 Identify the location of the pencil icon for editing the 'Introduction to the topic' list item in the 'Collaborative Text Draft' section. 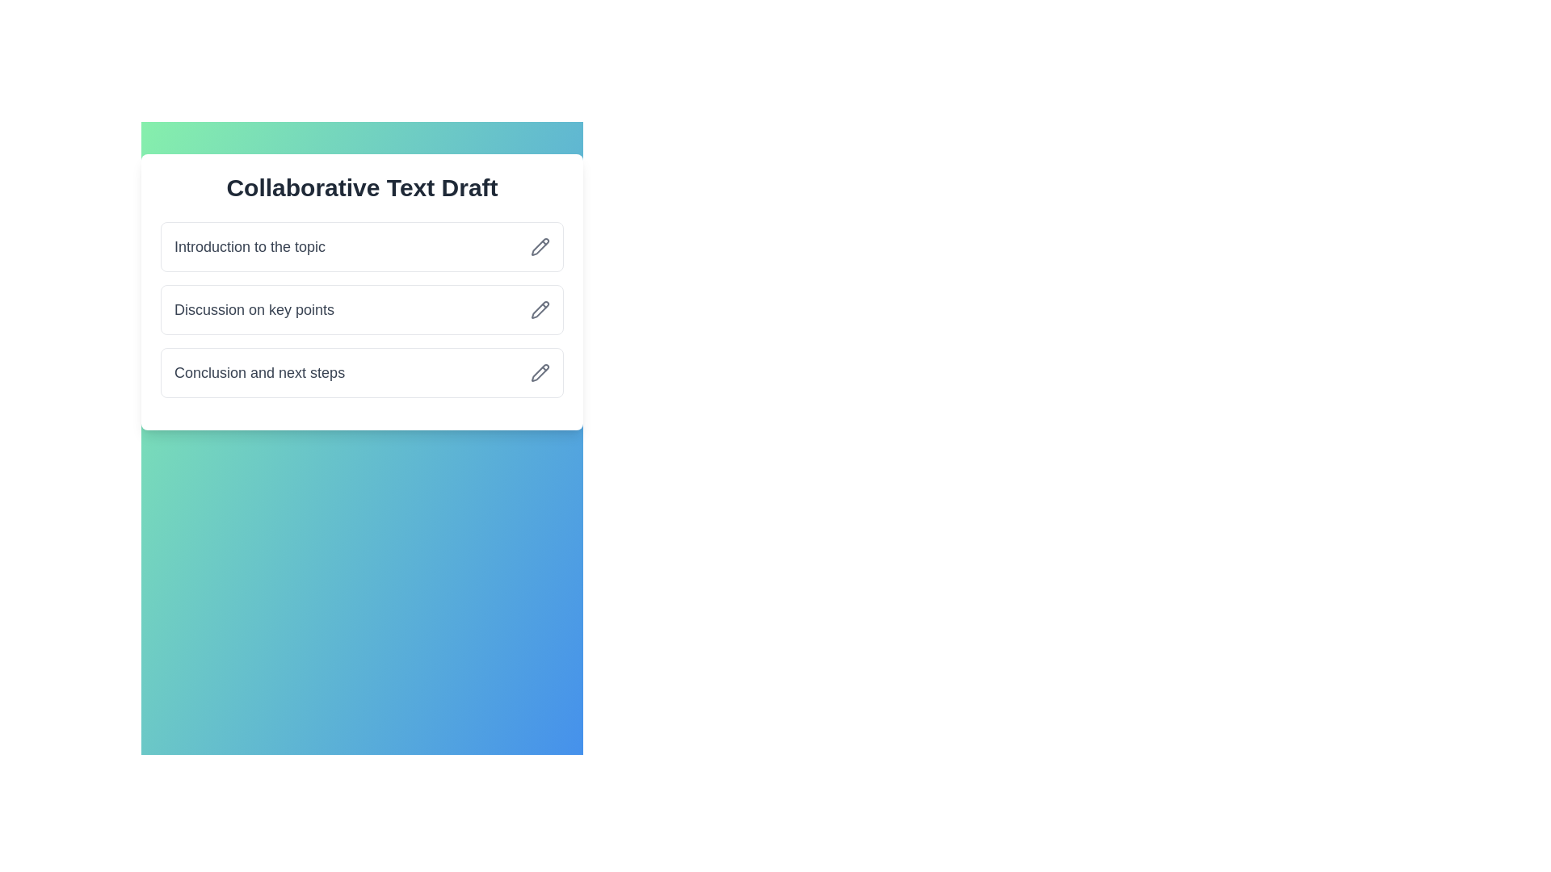
(540, 246).